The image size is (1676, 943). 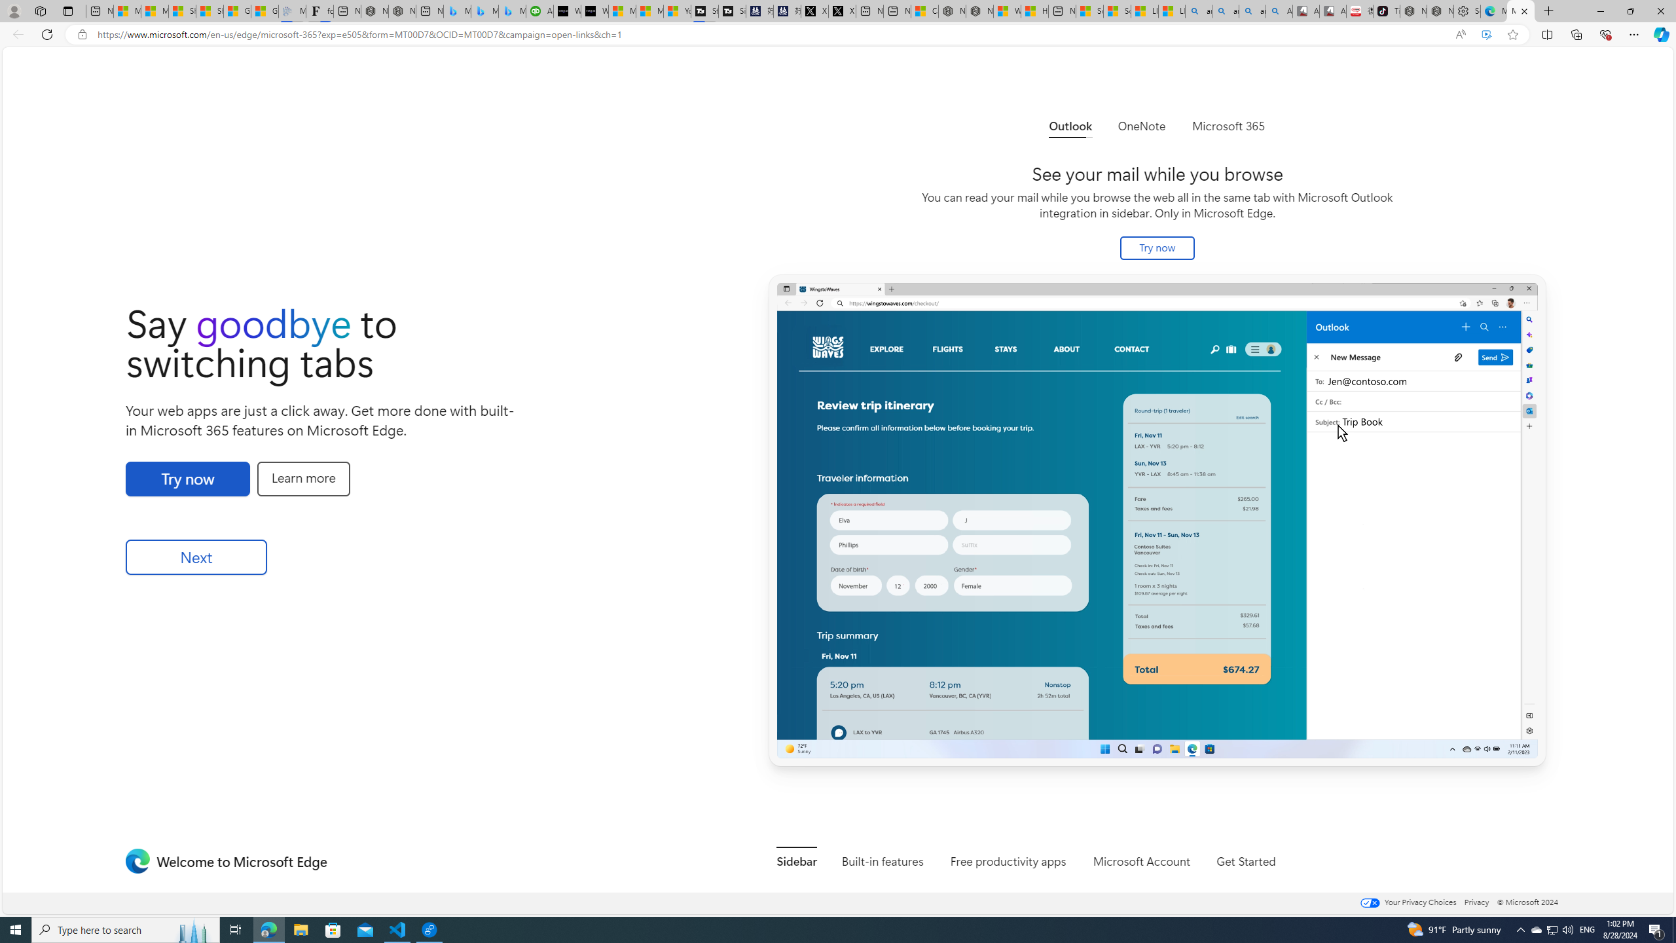 I want to click on 'amazon - Search Images', so click(x=1252, y=10).